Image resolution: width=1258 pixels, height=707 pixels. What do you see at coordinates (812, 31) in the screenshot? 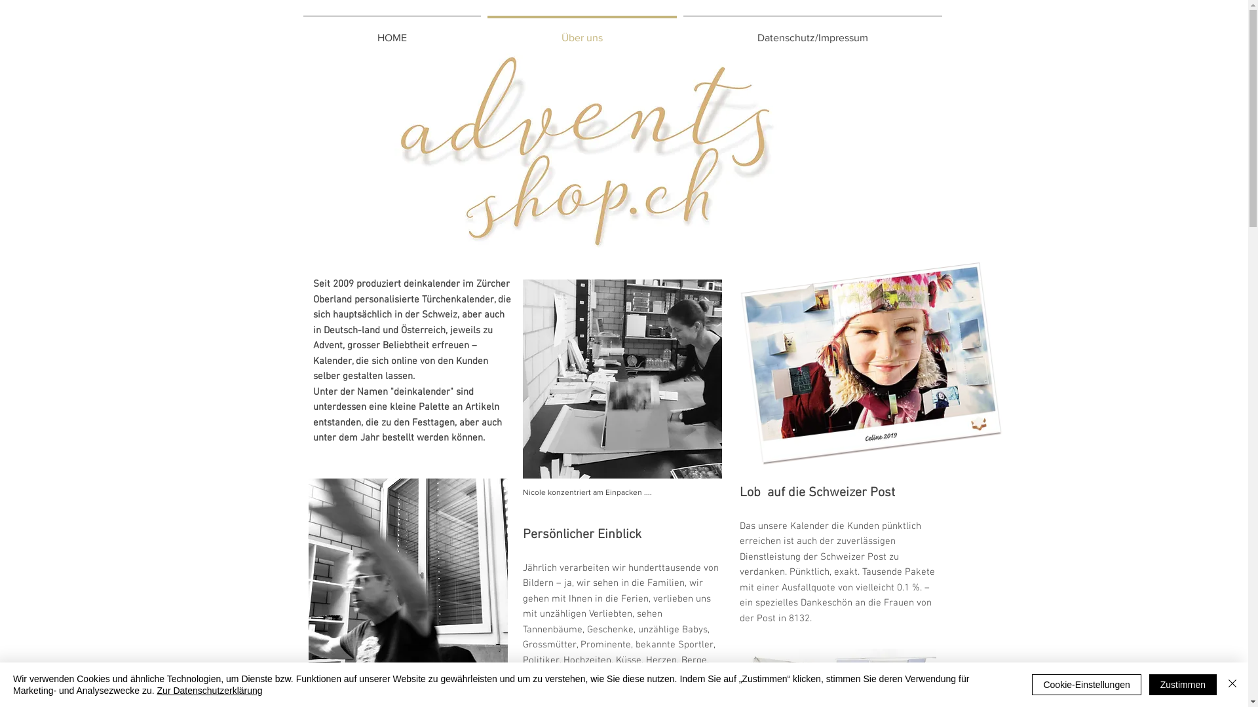
I see `'Datenschutz/Impressum'` at bounding box center [812, 31].